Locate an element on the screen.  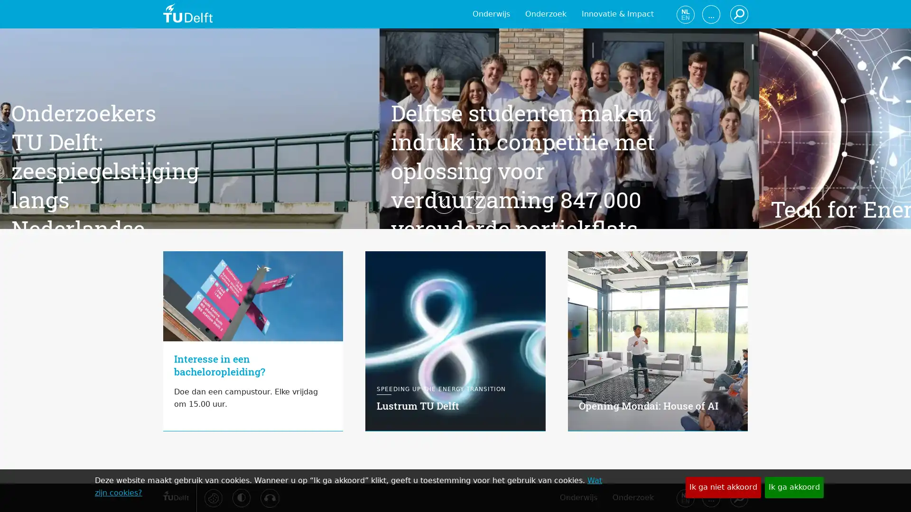
Activeer hoog contrast is located at coordinates (241, 497).